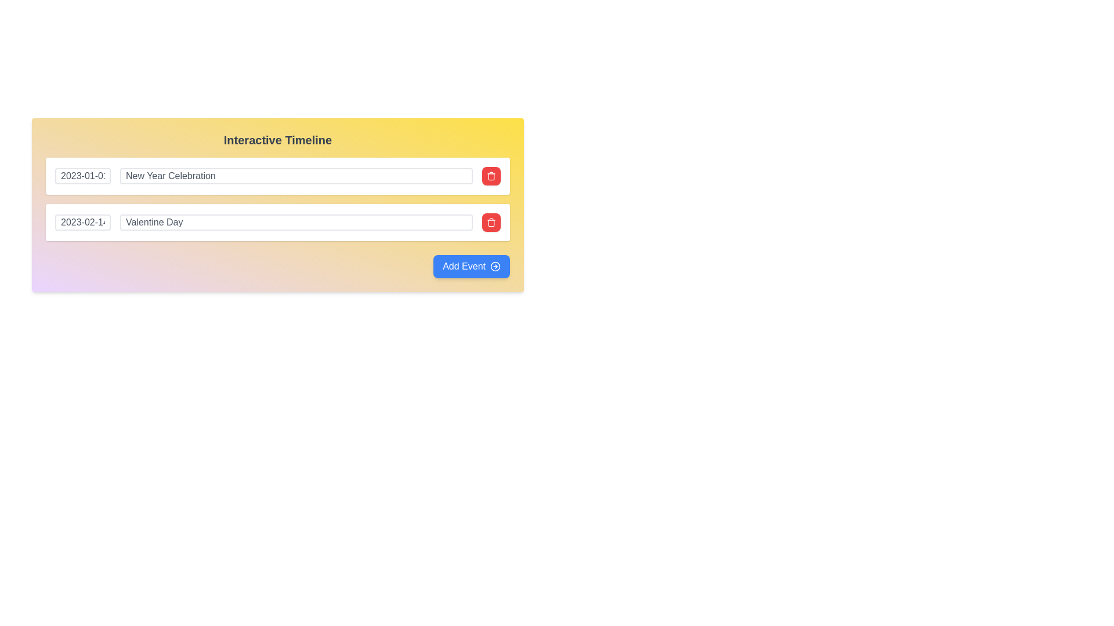 This screenshot has height=626, width=1114. Describe the element at coordinates (495, 266) in the screenshot. I see `the decorative icon with a right-pointing arrow, which is located at the right end of the 'Add Event' button on the lower part of the white card` at that location.